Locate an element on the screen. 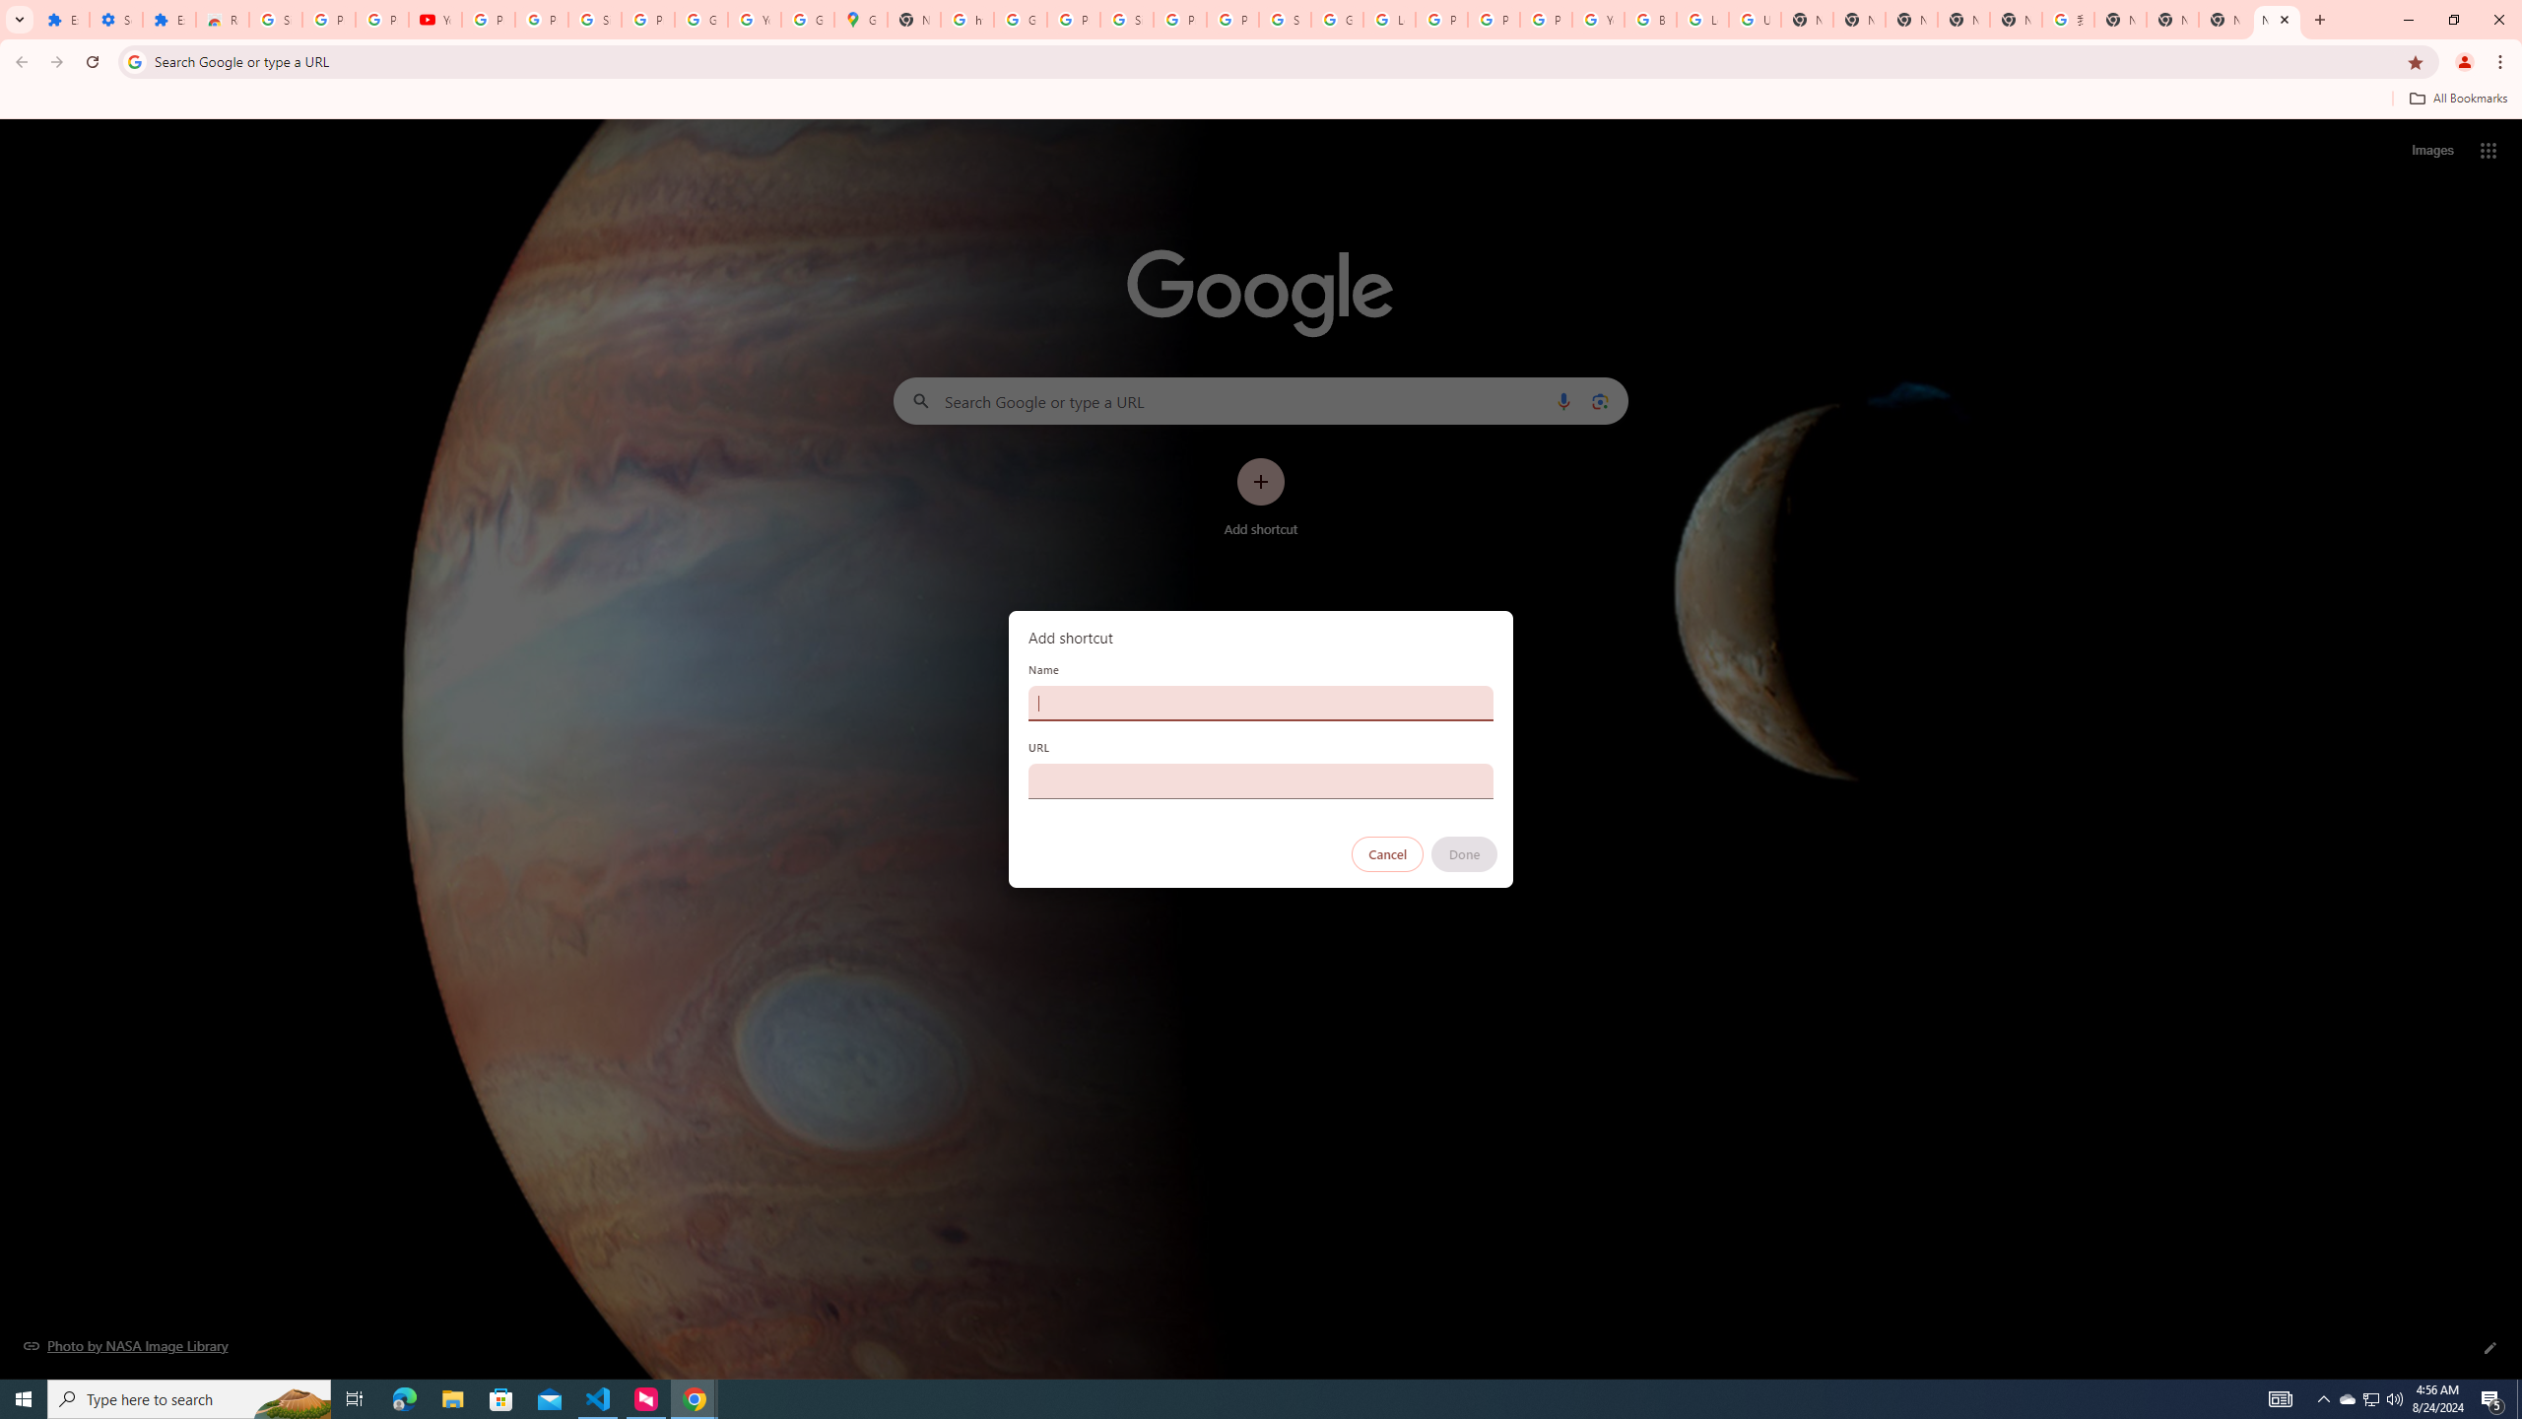  'URL' is located at coordinates (1261, 780).